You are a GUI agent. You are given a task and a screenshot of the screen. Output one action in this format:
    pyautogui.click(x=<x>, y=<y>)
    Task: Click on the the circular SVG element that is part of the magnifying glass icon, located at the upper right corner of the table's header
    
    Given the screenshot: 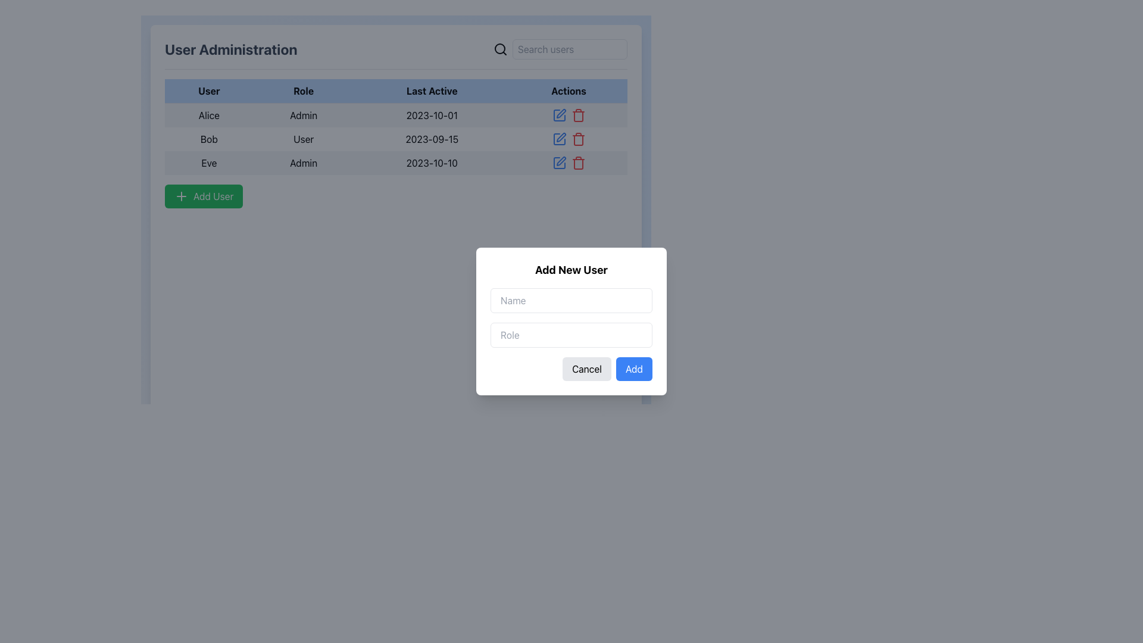 What is the action you would take?
    pyautogui.click(x=500, y=48)
    